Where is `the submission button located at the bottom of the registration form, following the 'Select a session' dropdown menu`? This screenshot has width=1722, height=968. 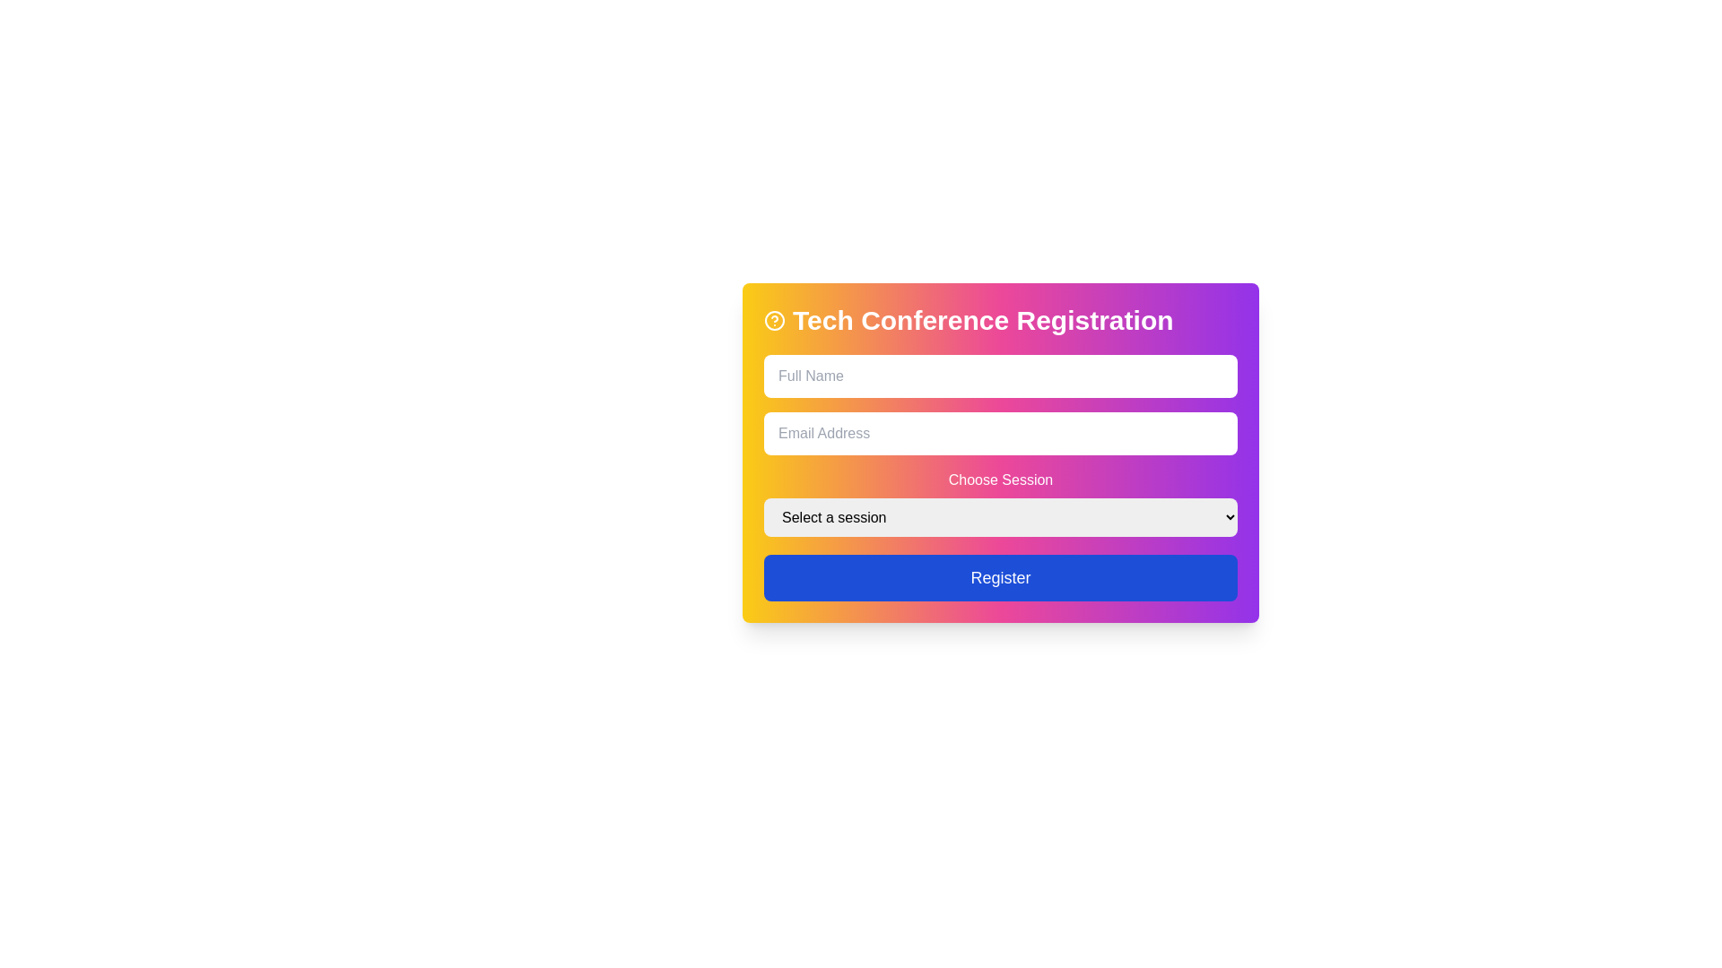 the submission button located at the bottom of the registration form, following the 'Select a session' dropdown menu is located at coordinates (1000, 577).